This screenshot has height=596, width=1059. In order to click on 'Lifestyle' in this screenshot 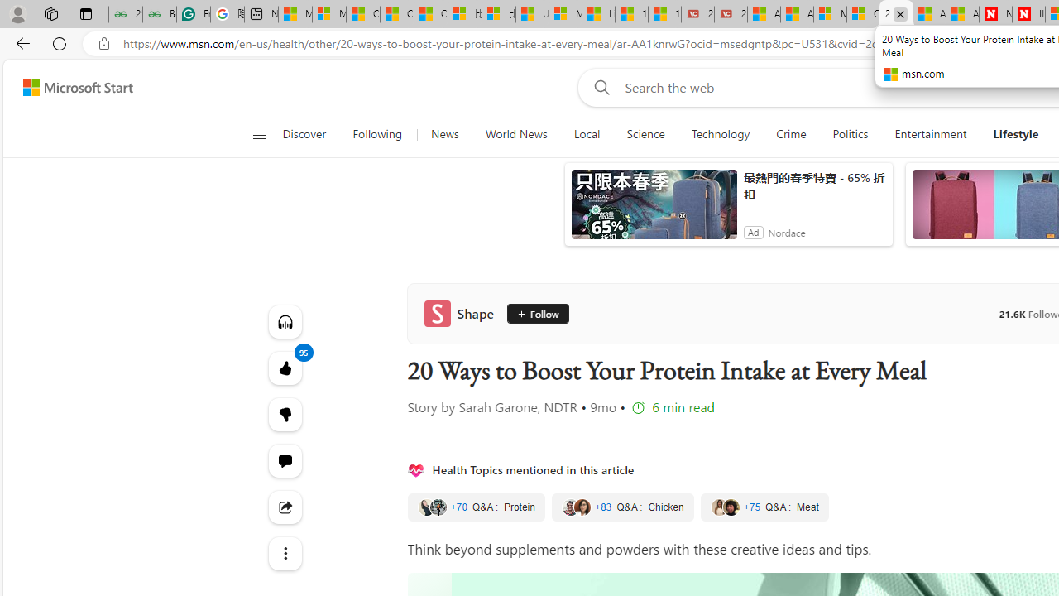, I will do `click(1015, 134)`.